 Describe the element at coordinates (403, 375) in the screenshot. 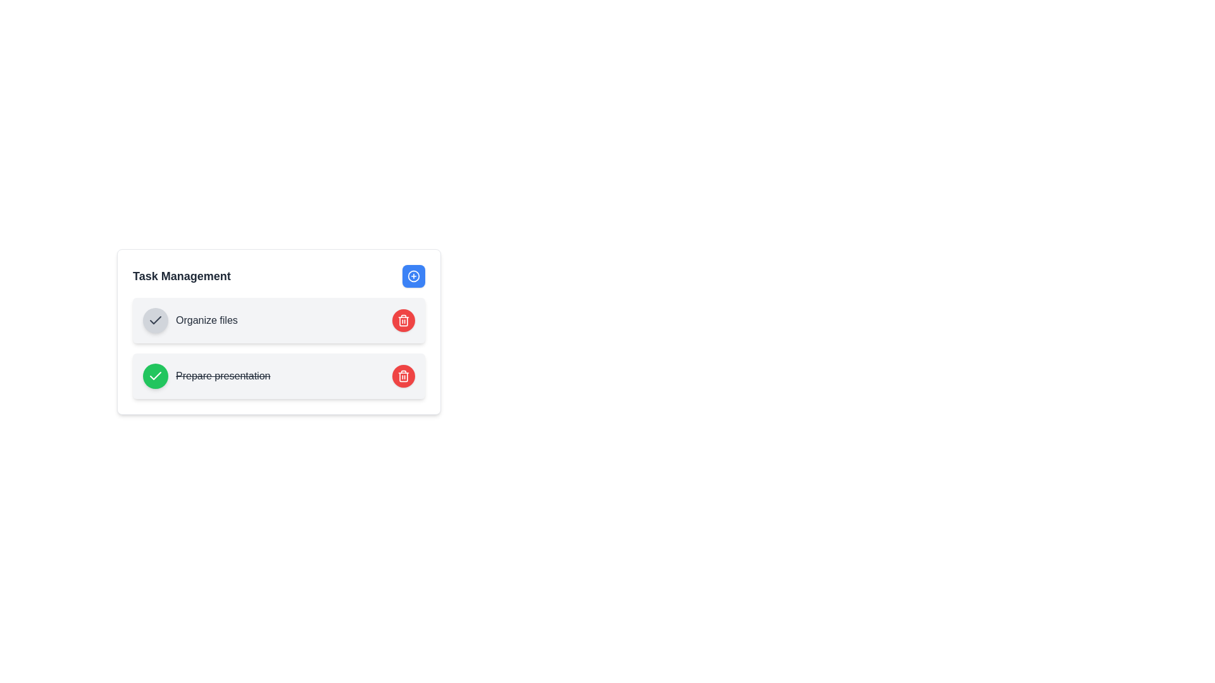

I see `the delete button located on the far right of the task row labeled 'Prepare presentation'` at that location.